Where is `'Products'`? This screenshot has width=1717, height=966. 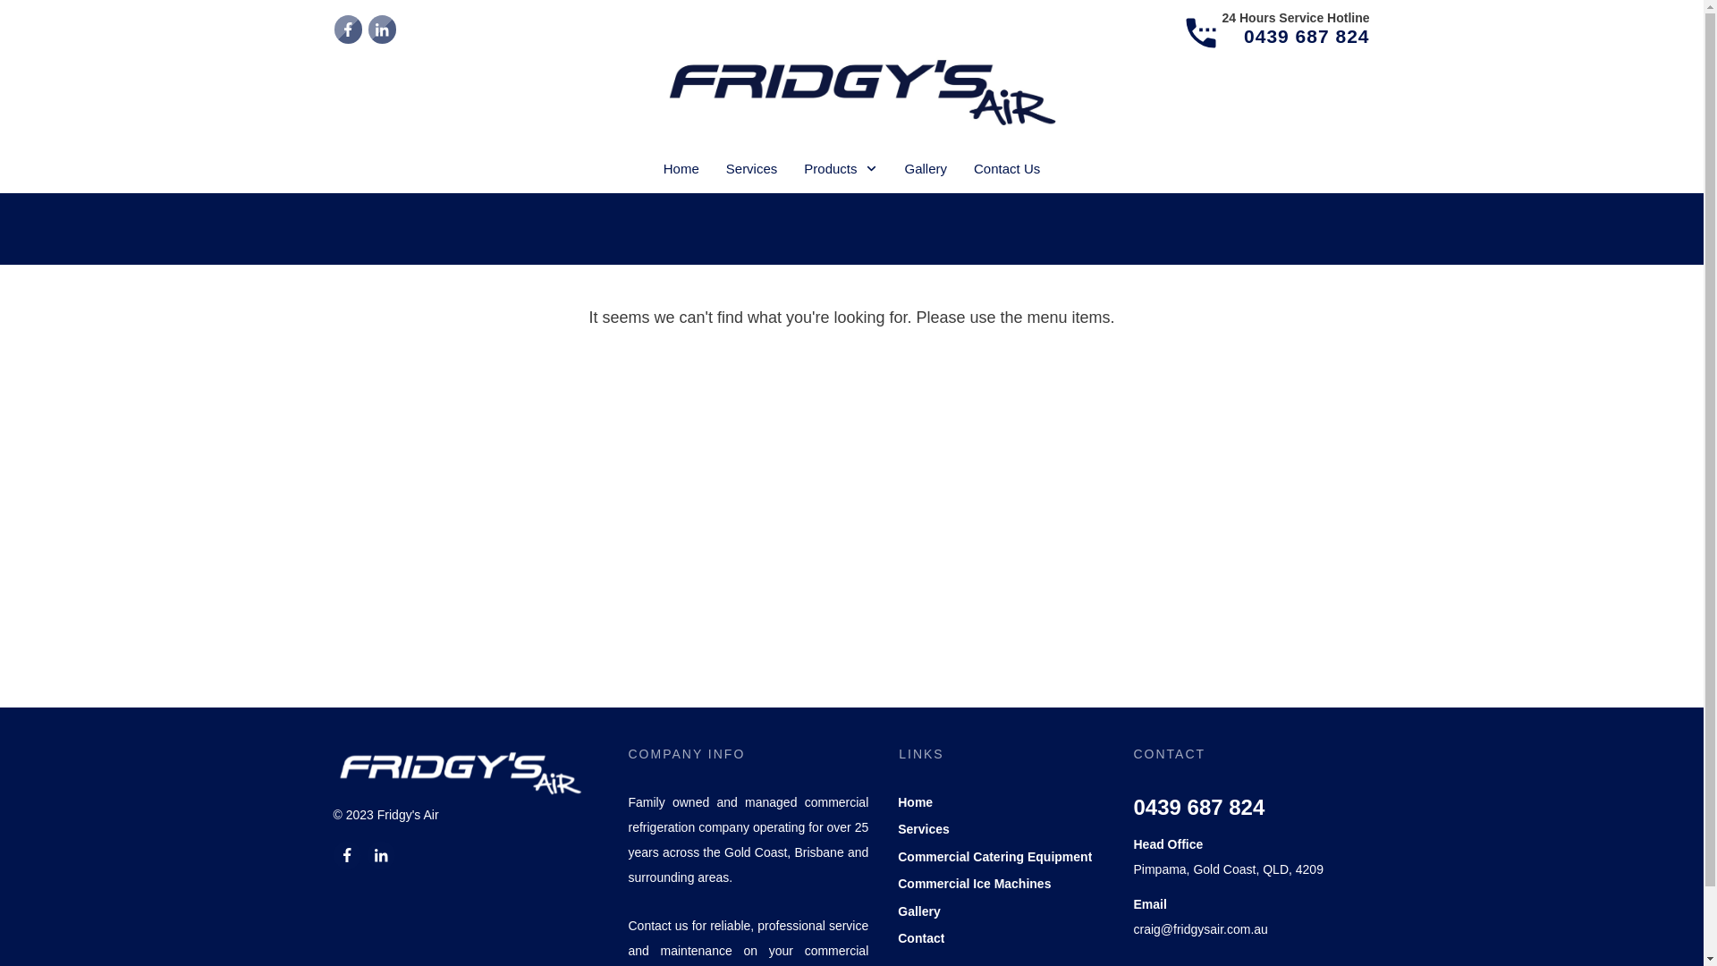 'Products' is located at coordinates (840, 169).